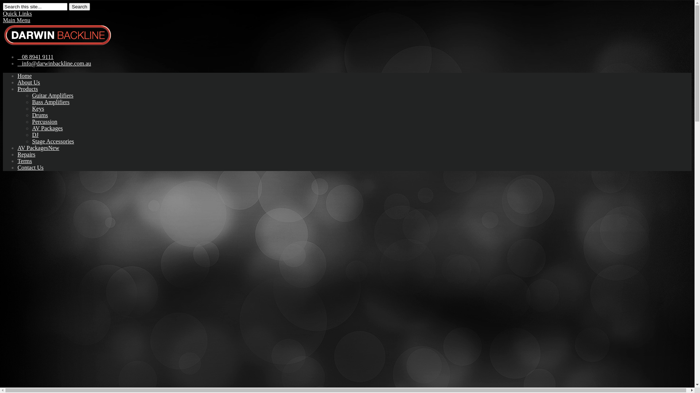 This screenshot has width=700, height=393. I want to click on 'About Us', so click(28, 82).